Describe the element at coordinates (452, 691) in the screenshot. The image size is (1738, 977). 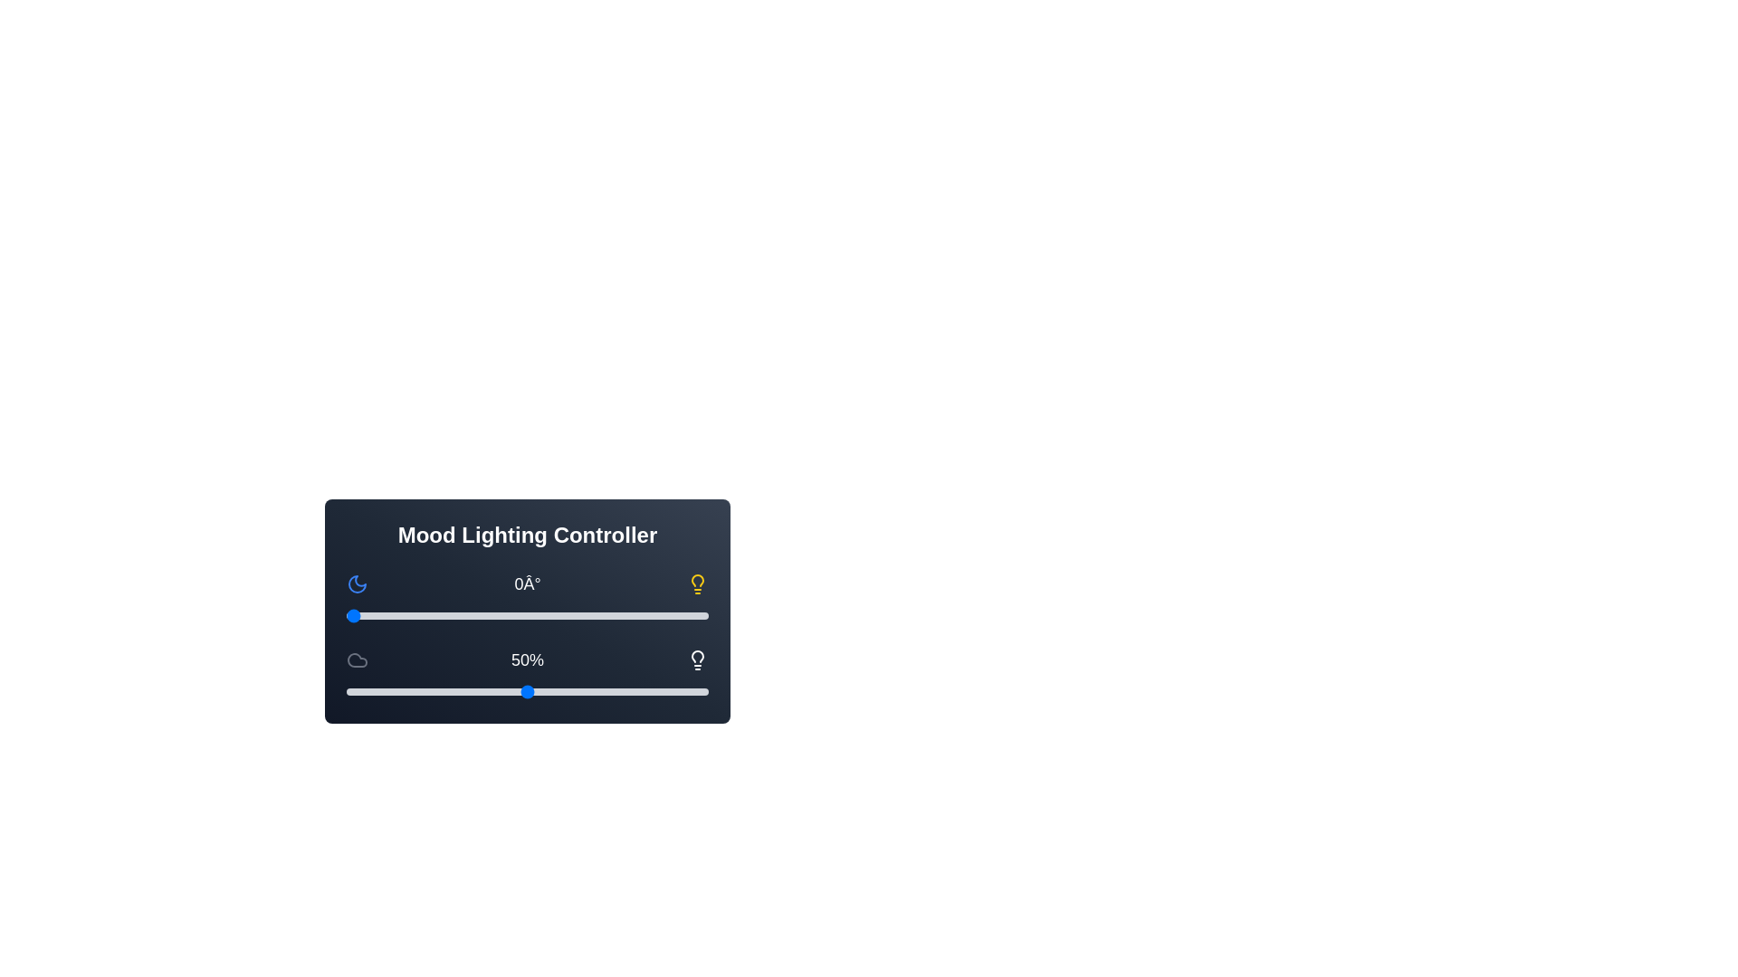
I see `the light intensity to 29% by adjusting the slider` at that location.